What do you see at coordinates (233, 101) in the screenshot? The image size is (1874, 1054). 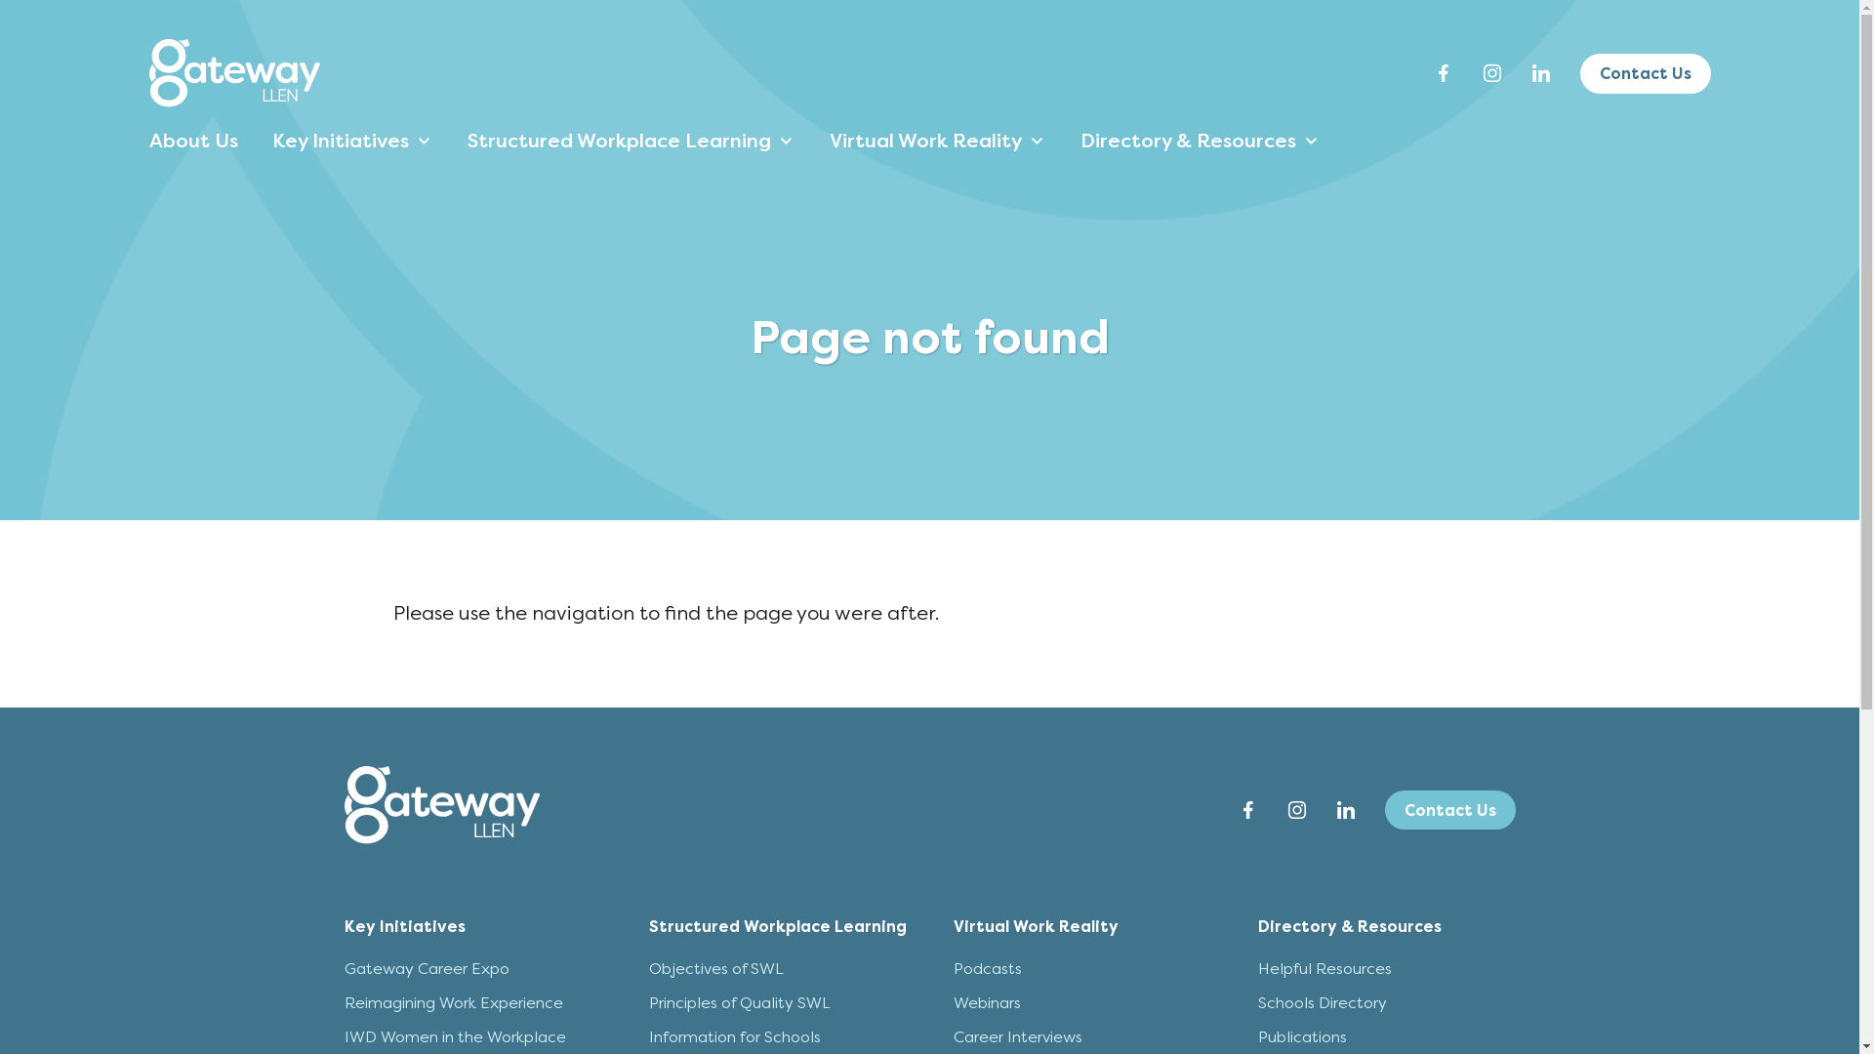 I see `'Gateway LLEN'` at bounding box center [233, 101].